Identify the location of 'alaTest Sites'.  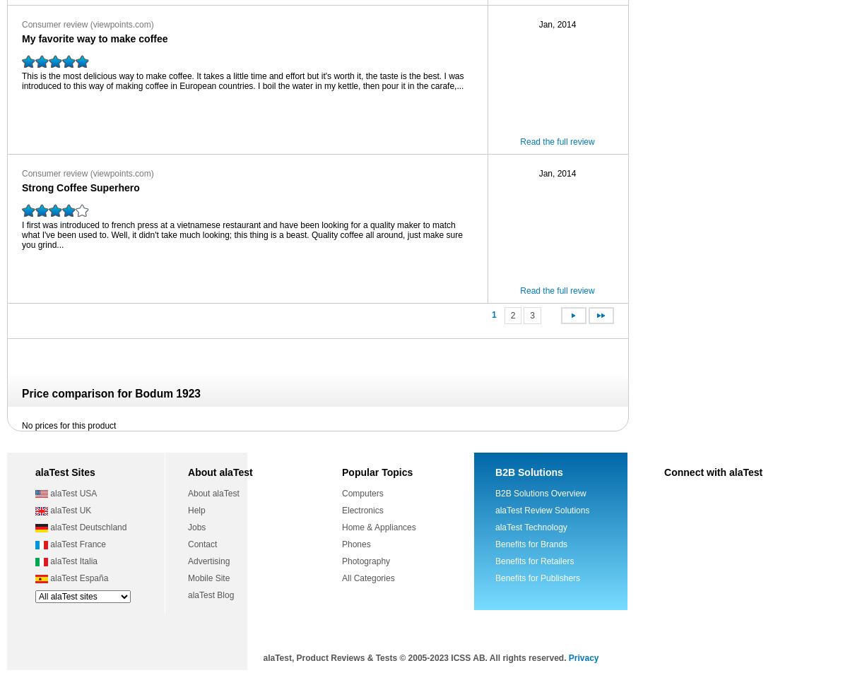
(34, 472).